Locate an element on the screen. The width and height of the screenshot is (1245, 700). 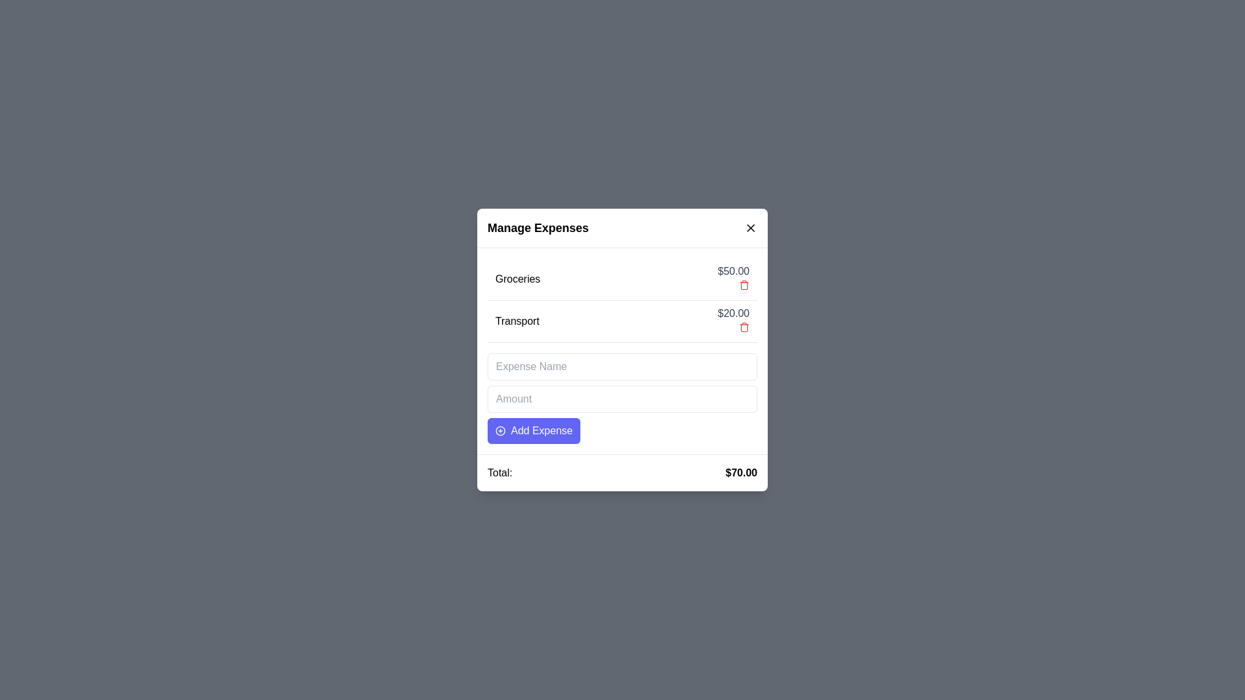
the small 'X' icon button at the top-right corner of the 'Manage Expenses' card is located at coordinates (750, 227).